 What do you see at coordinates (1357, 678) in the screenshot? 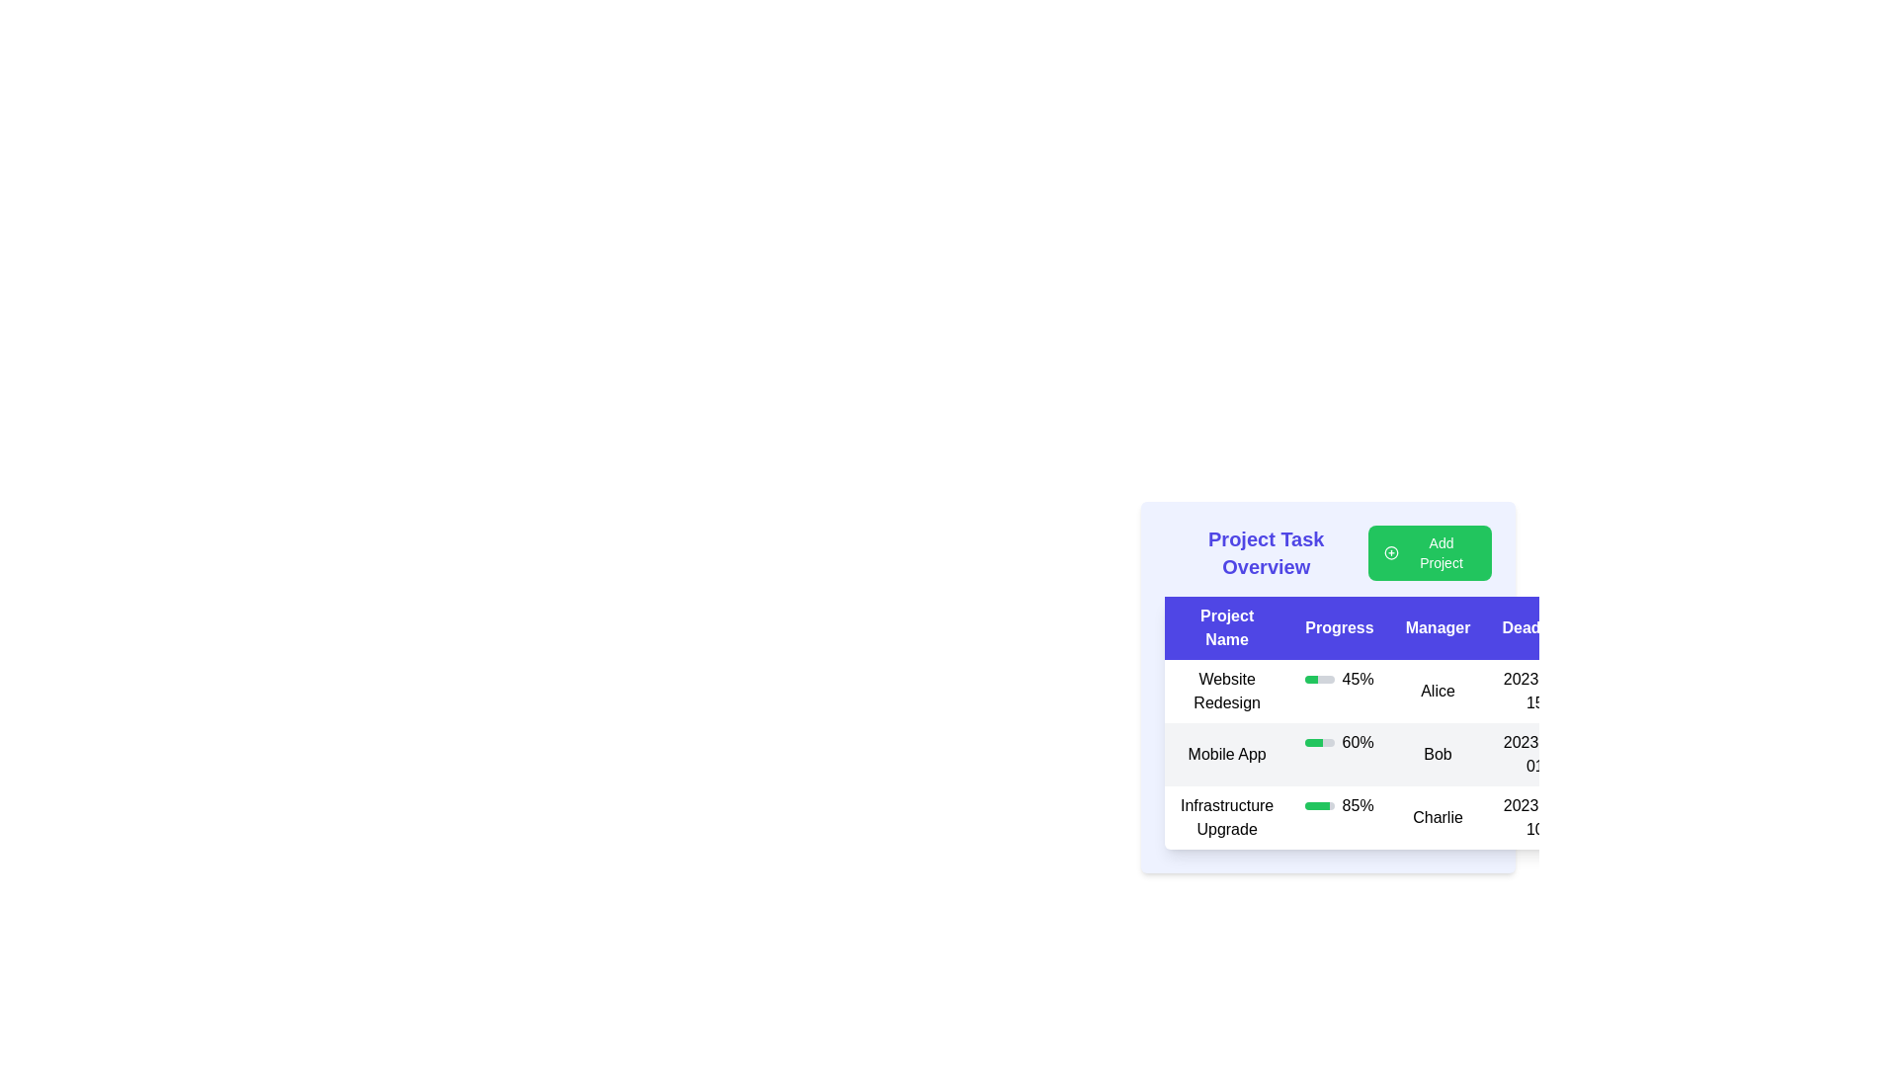
I see `the text label displaying the progress percentage for the 'Website Redesign' task, located under the 'Progress' column and to the right of the green progress bar` at bounding box center [1357, 678].